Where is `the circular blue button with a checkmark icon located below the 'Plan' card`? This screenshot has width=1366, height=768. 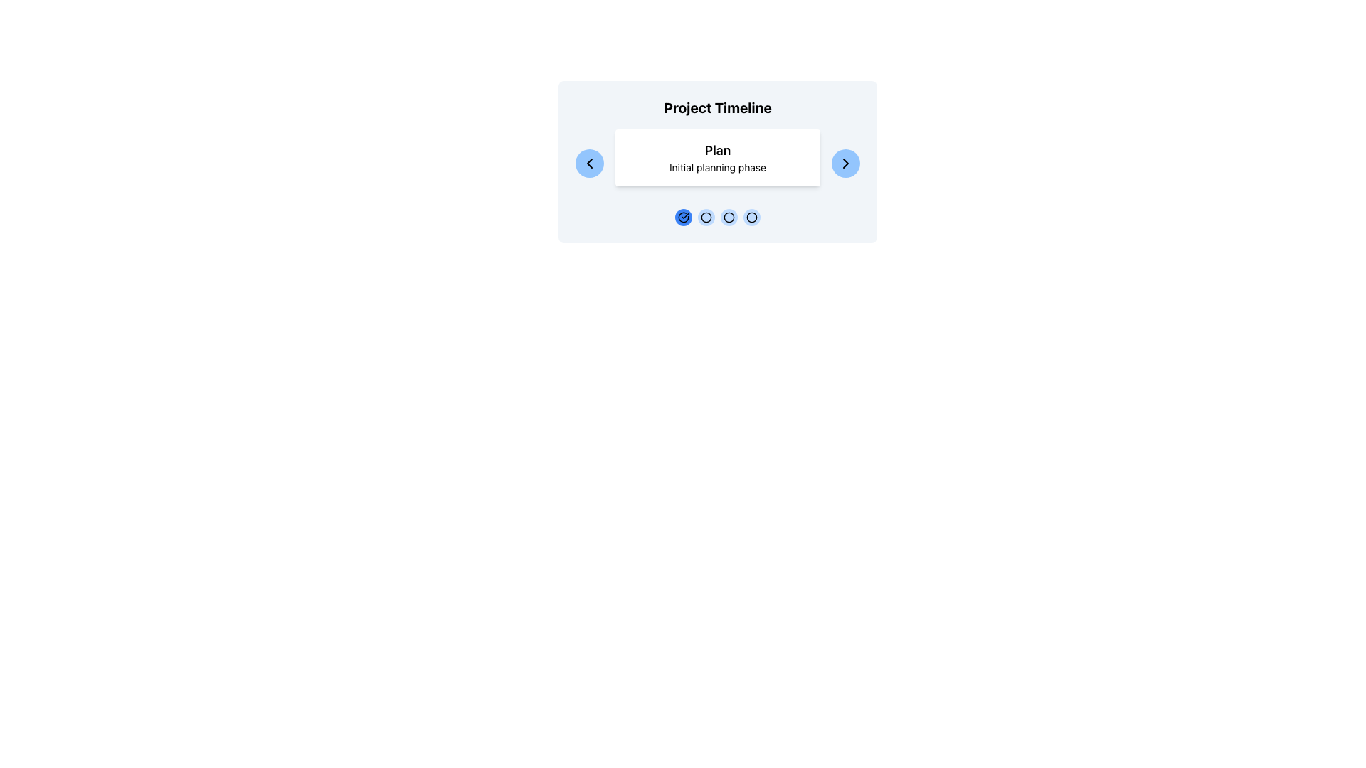 the circular blue button with a checkmark icon located below the 'Plan' card is located at coordinates (683, 217).